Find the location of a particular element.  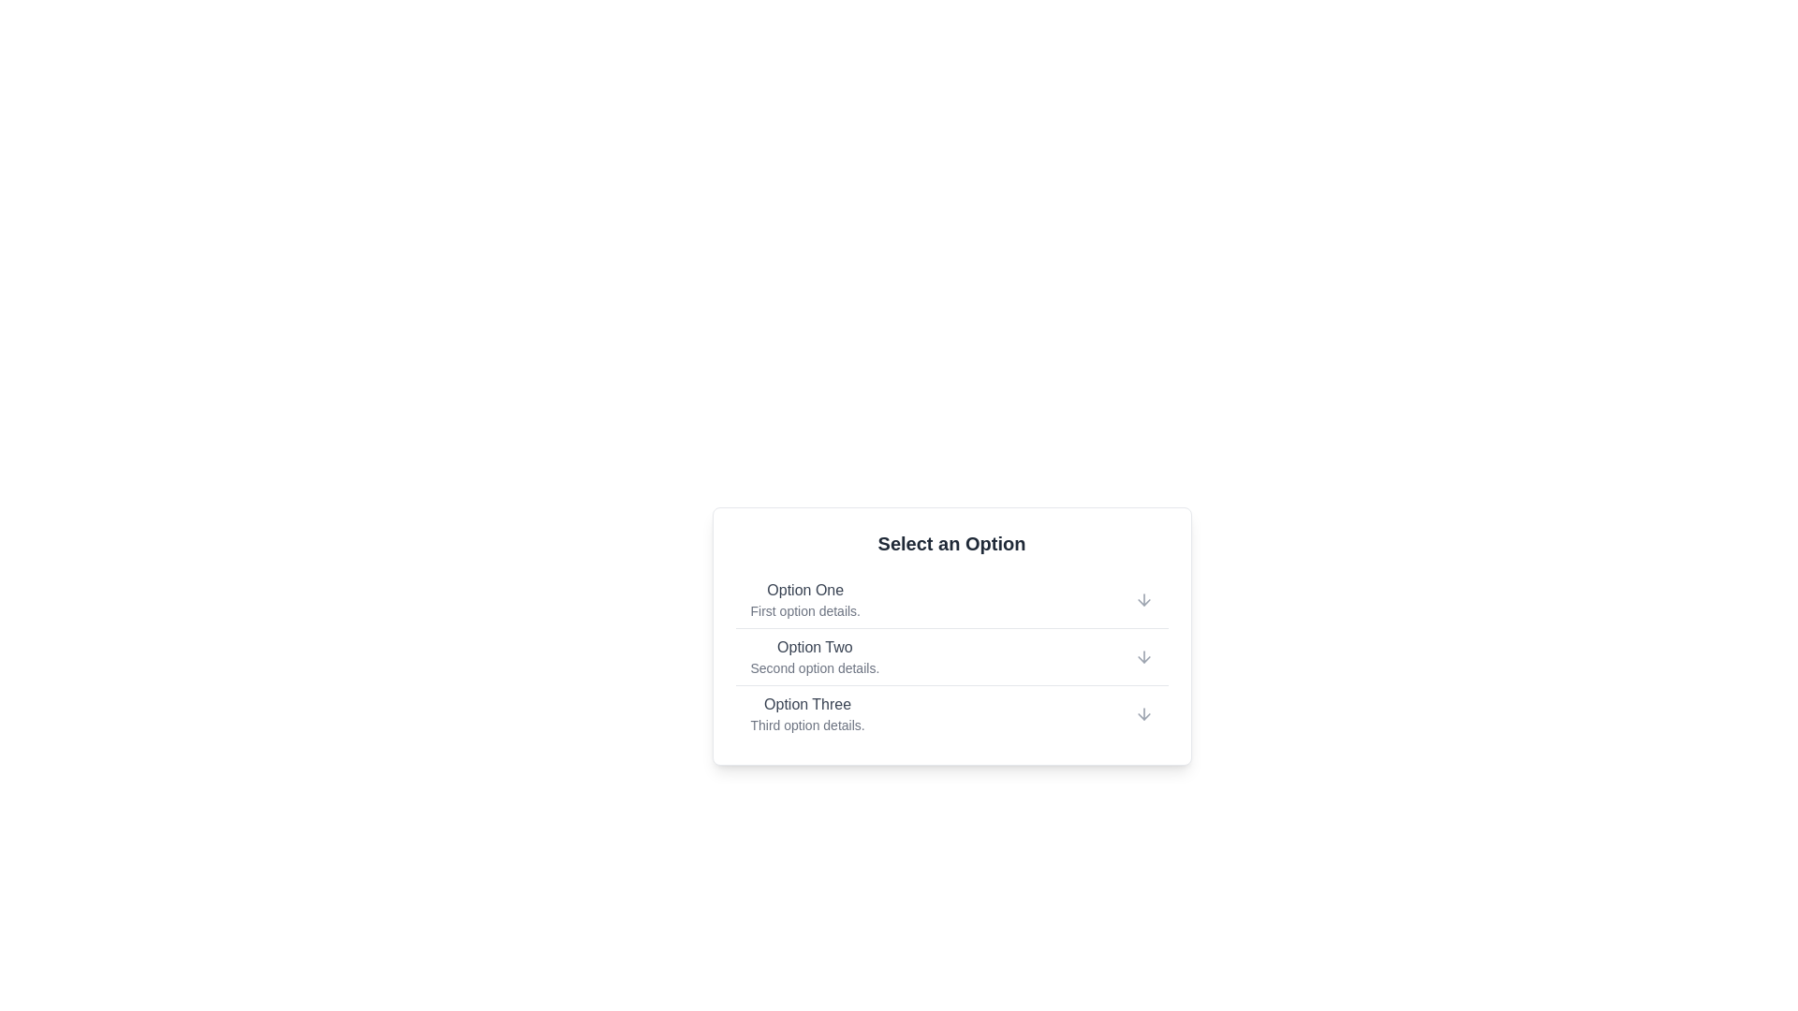

the arrow icon located on the far right side of the 'Option One' row to interact with it is located at coordinates (1142, 599).